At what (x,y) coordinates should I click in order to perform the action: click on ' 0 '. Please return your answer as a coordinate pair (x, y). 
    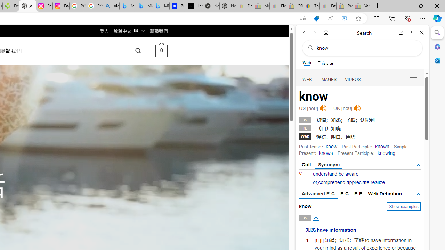
    Looking at the image, I should click on (161, 50).